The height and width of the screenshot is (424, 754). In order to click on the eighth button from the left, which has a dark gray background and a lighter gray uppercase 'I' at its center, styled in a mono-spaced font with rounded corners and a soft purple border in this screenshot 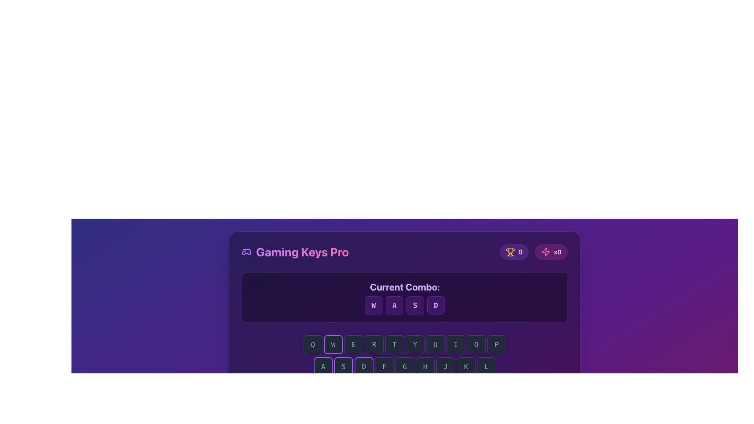, I will do `click(456, 344)`.